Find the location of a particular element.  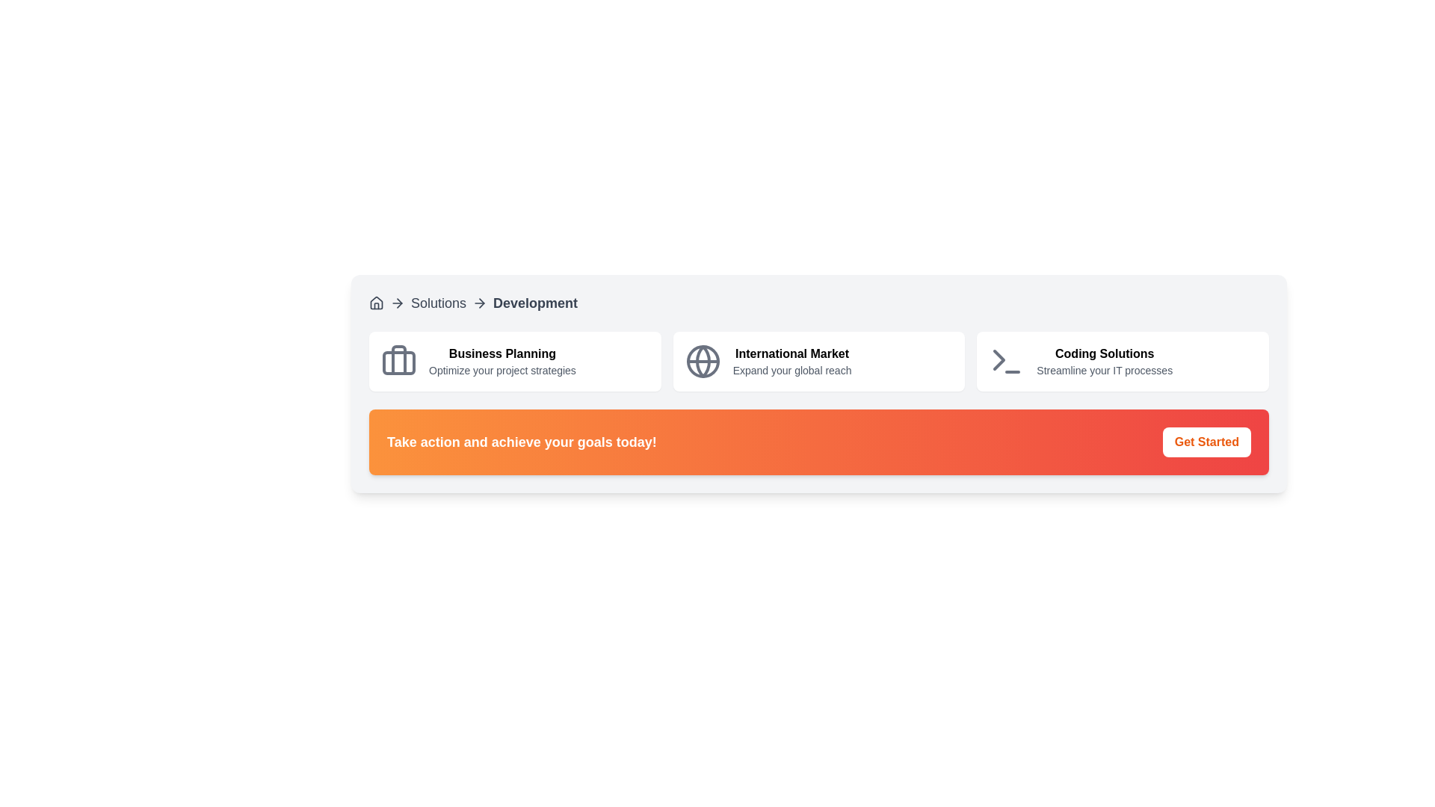

the SVG circle component that is part of the globe icon within the 'International Market' card is located at coordinates (702, 361).